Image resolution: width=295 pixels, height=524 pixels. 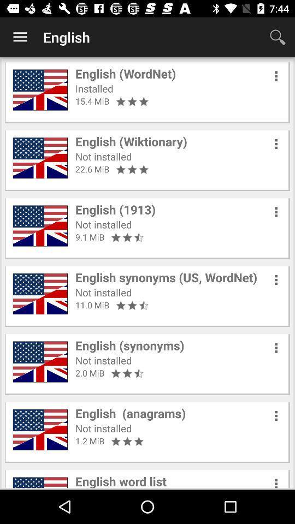 What do you see at coordinates (131, 141) in the screenshot?
I see `the icon above the not installed` at bounding box center [131, 141].